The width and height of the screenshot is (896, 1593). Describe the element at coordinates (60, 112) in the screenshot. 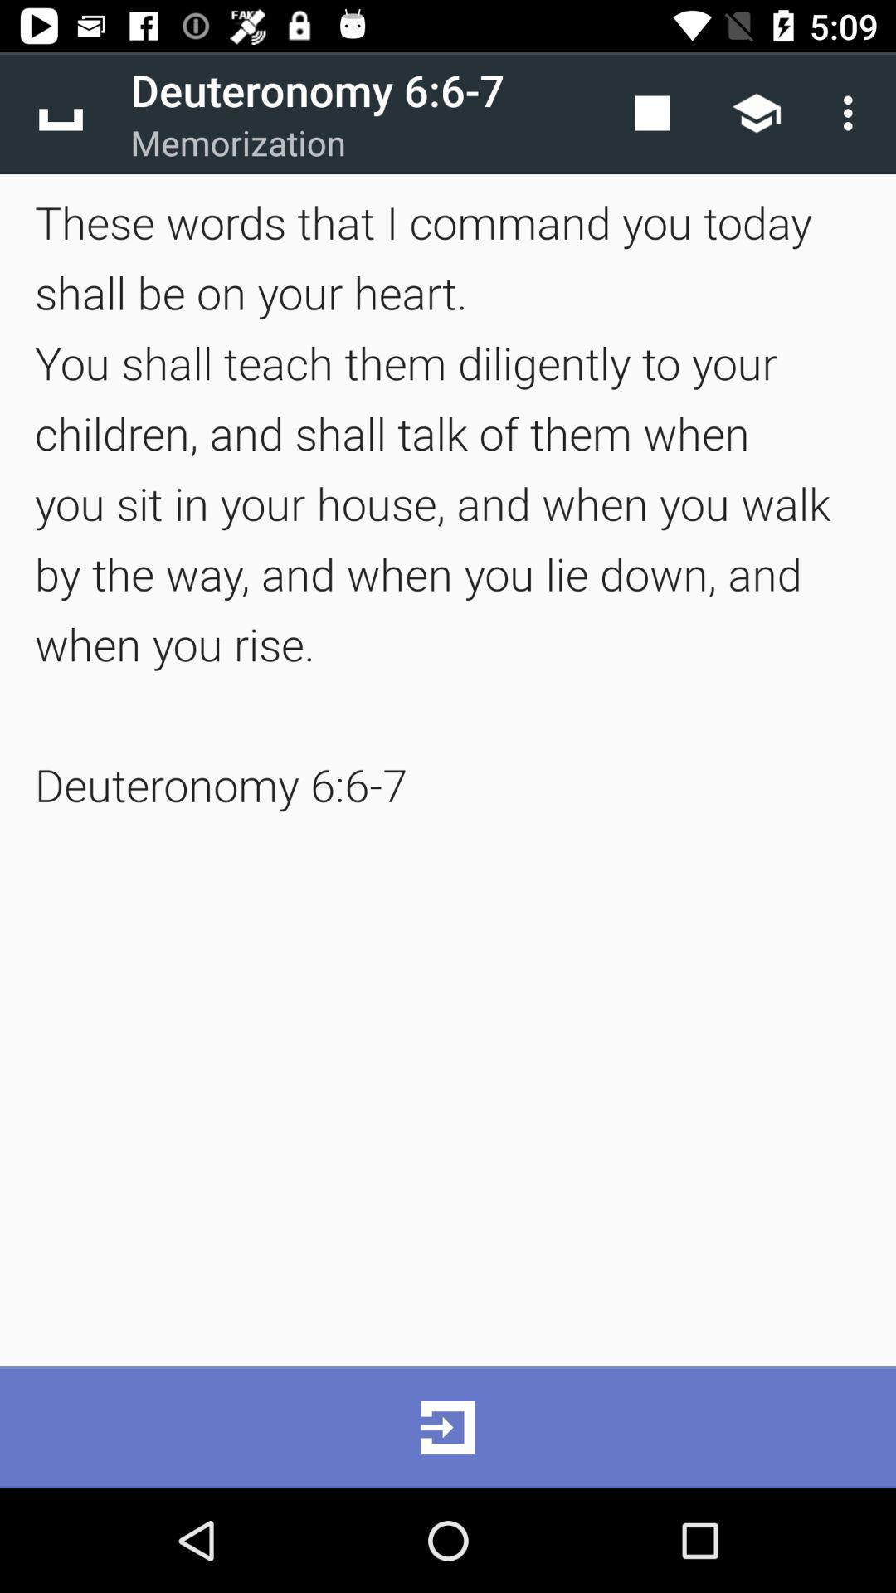

I see `icon next to deuteronomy 6 6` at that location.